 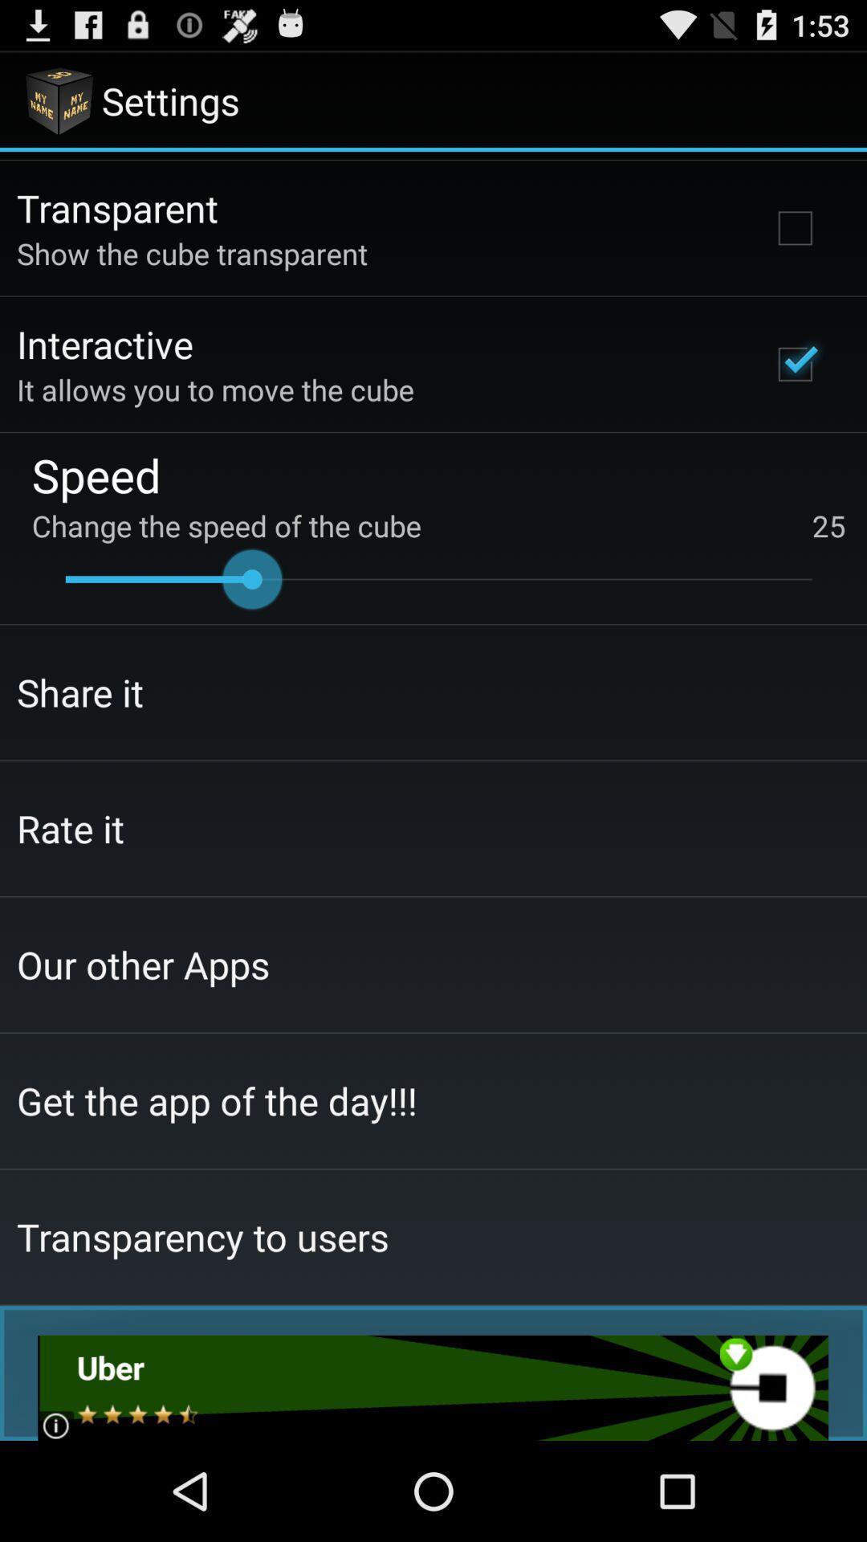 What do you see at coordinates (828, 525) in the screenshot?
I see `the 25 on the right` at bounding box center [828, 525].